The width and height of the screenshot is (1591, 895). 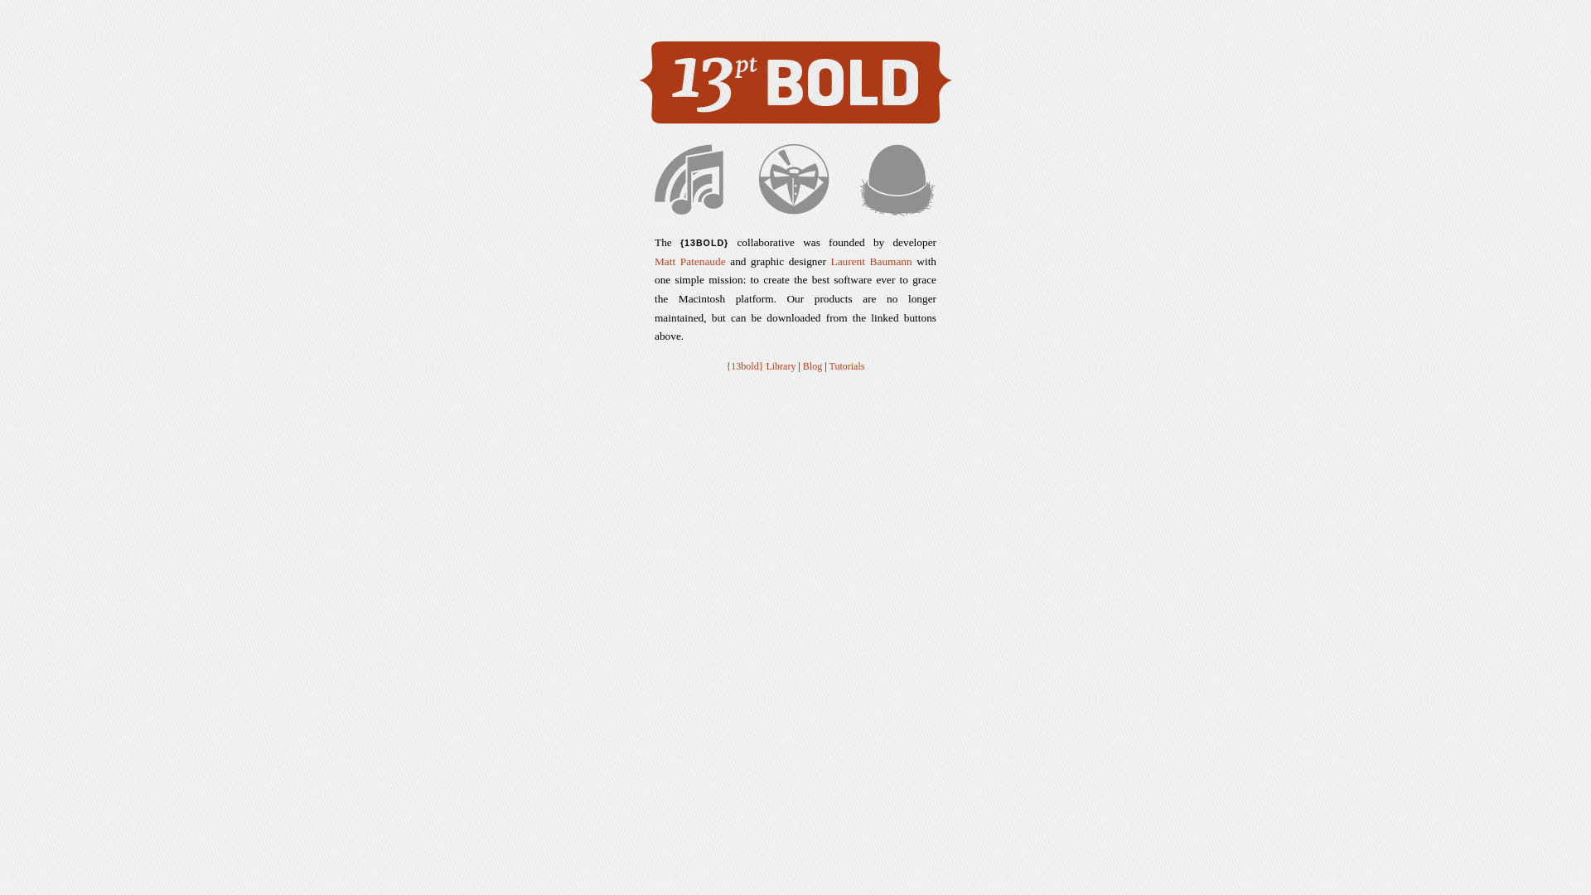 I want to click on 'Blog', so click(x=799, y=365).